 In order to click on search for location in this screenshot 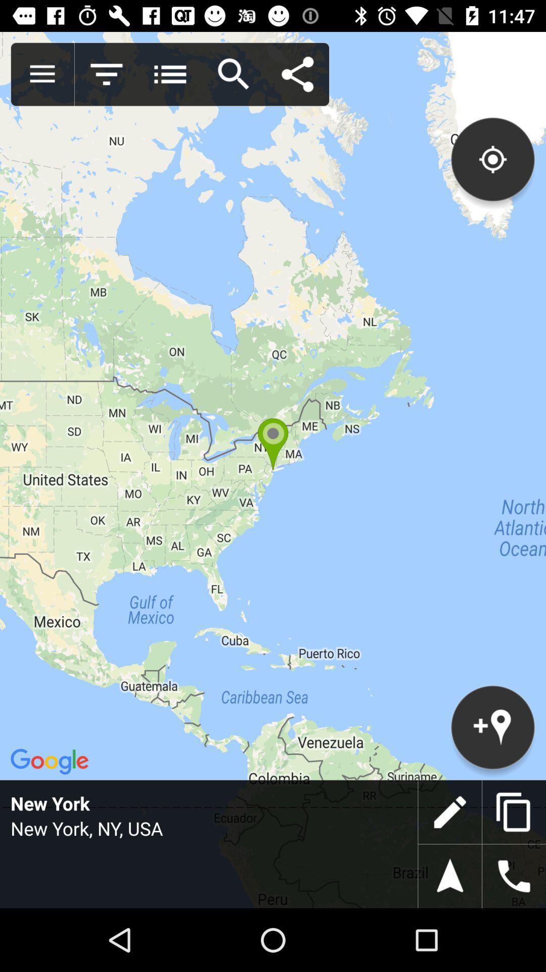, I will do `click(234, 74)`.